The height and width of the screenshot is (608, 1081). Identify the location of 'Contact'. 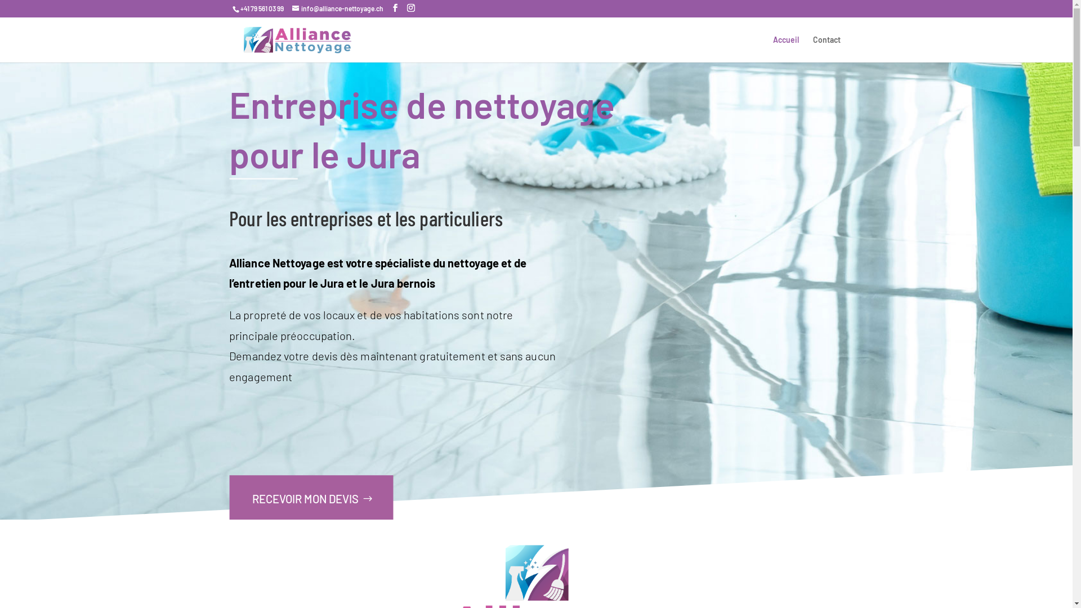
(827, 48).